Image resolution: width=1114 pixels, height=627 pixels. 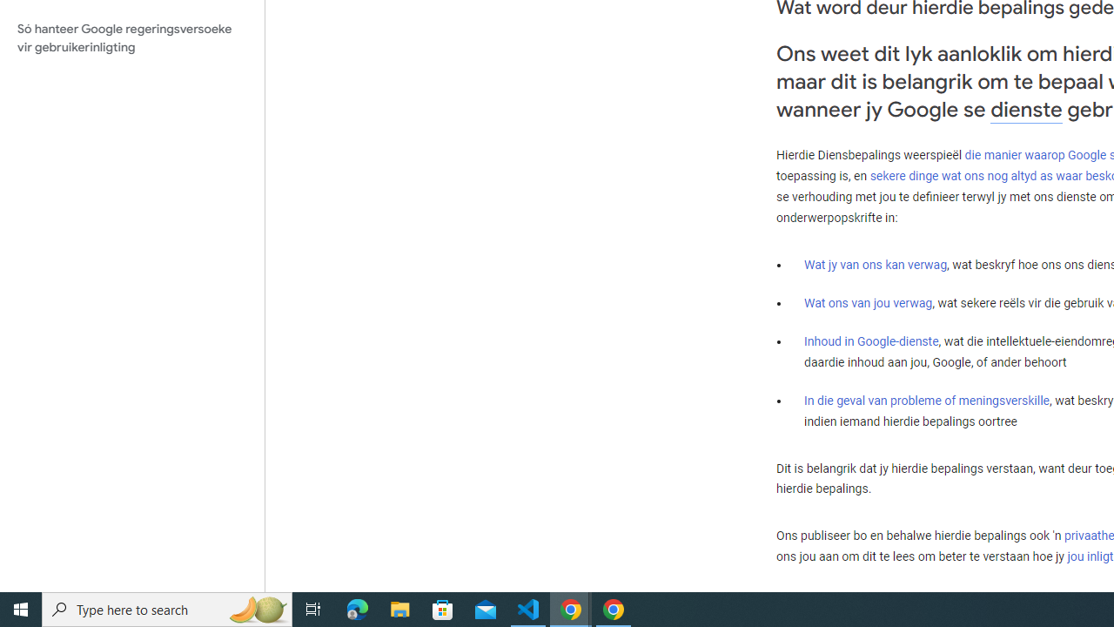 I want to click on 'File Explorer', so click(x=399, y=608).